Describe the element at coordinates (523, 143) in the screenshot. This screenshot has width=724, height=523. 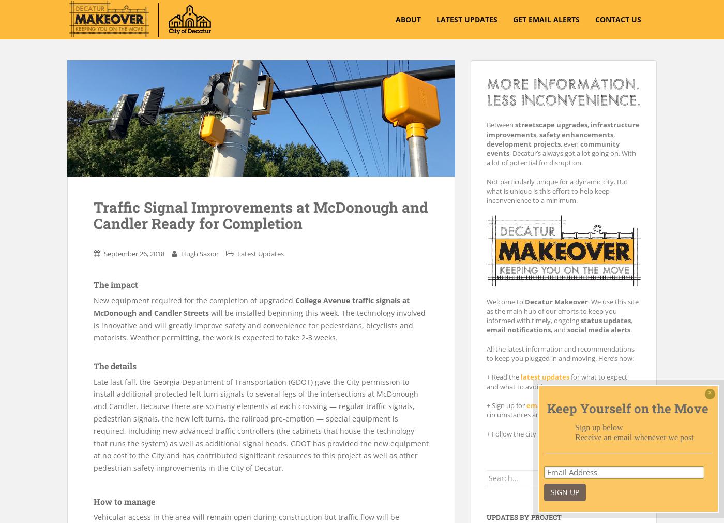
I see `'development projects'` at that location.